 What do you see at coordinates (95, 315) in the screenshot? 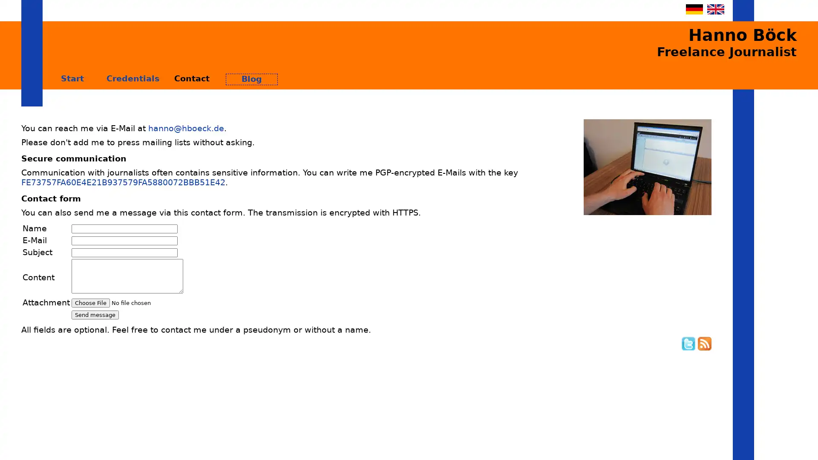
I see `Send message` at bounding box center [95, 315].